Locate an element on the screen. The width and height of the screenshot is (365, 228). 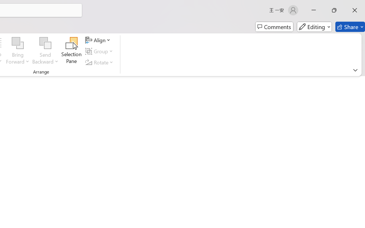
'Comments' is located at coordinates (274, 27).